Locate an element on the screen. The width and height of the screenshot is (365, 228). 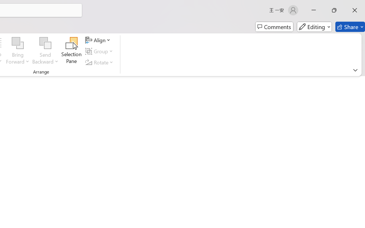
'Comments' is located at coordinates (274, 27).